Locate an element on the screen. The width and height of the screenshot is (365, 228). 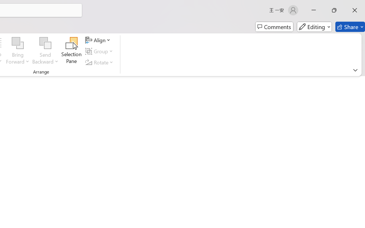
'Comments' is located at coordinates (274, 27).